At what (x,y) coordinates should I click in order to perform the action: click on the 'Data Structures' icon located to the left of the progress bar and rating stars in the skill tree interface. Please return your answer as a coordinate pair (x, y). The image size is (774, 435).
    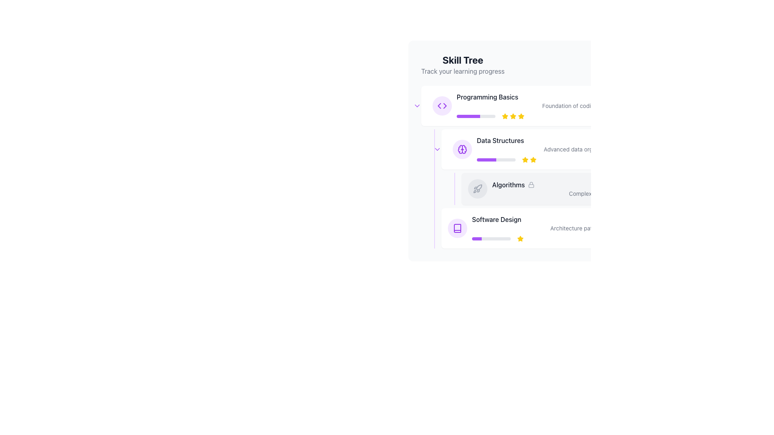
    Looking at the image, I should click on (462, 149).